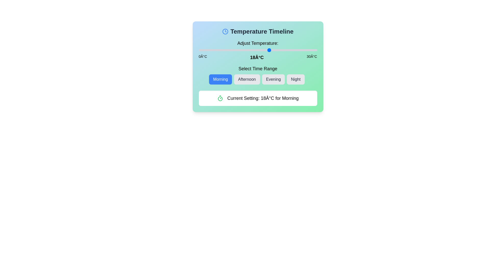 Image resolution: width=490 pixels, height=275 pixels. Describe the element at coordinates (220, 79) in the screenshot. I see `the 'Morning' button to select the corresponding time range` at that location.